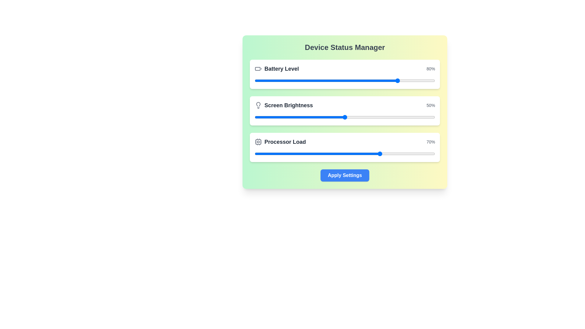  I want to click on the battery level, so click(433, 80).